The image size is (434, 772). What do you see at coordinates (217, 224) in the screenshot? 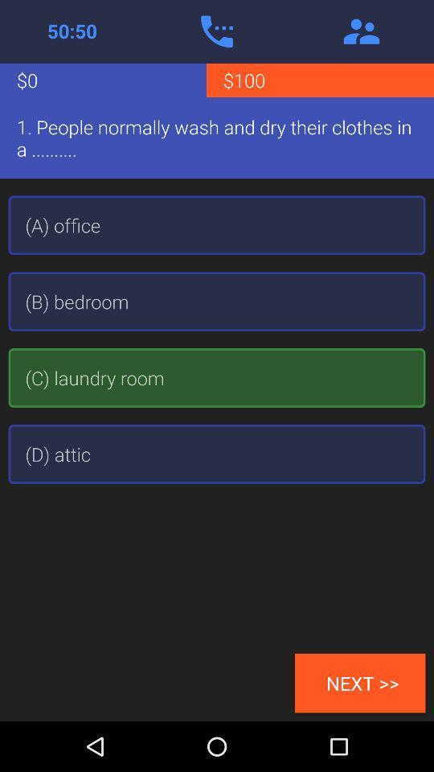
I see `icon below 1 people normally icon` at bounding box center [217, 224].